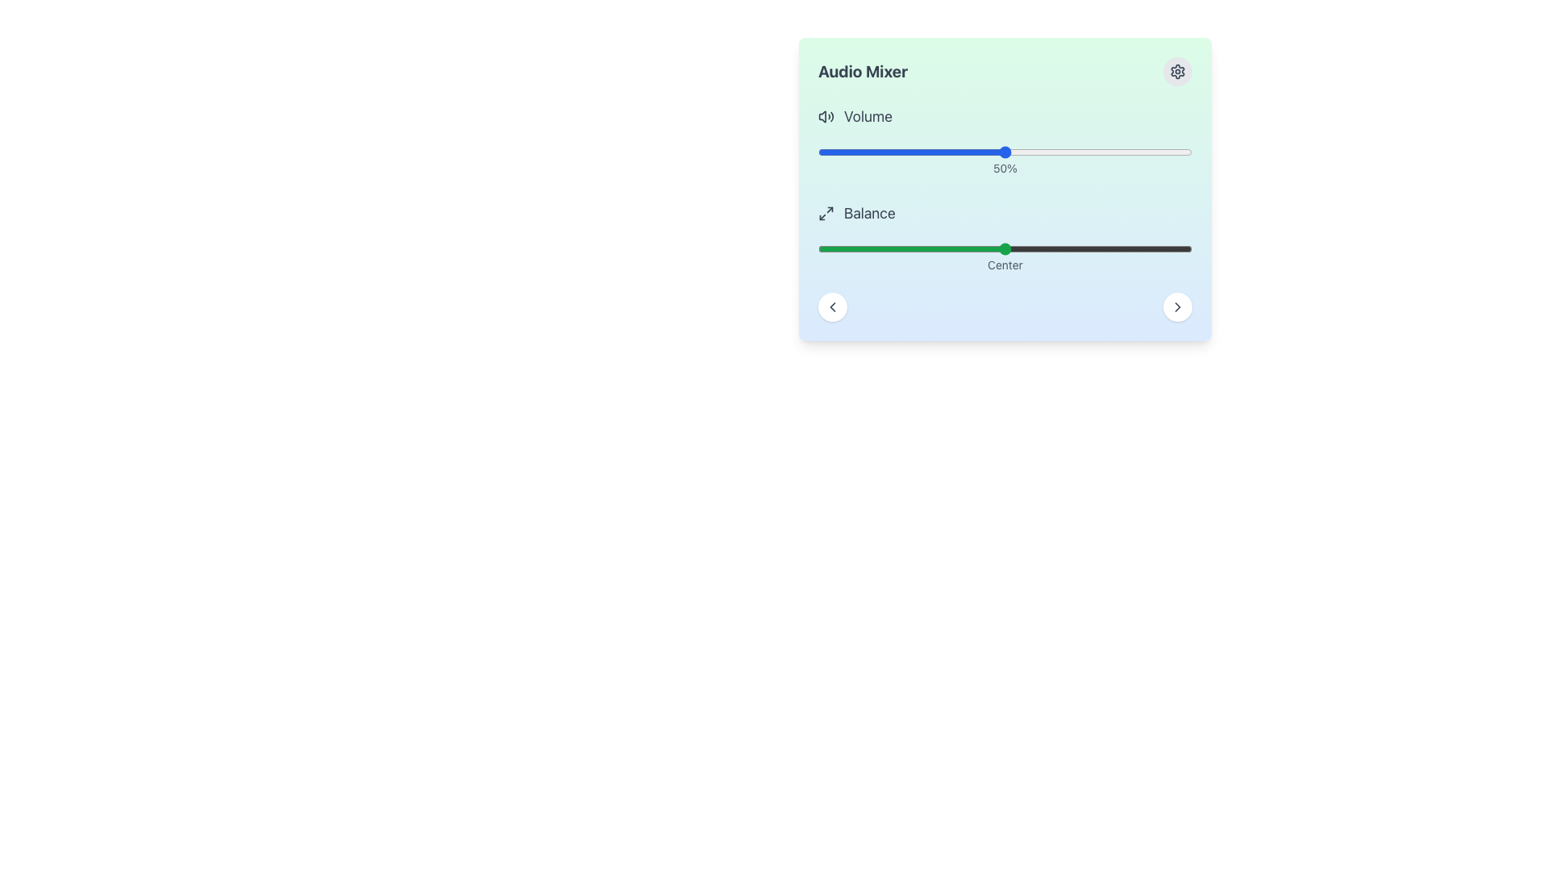 The width and height of the screenshot is (1548, 871). I want to click on and drag the handle of the Volume slider to adjust the volume level from 0% to 100%. The slider is located in the Audio Mixer interface, below the 'Volume' label and speaker icon, so click(1005, 152).